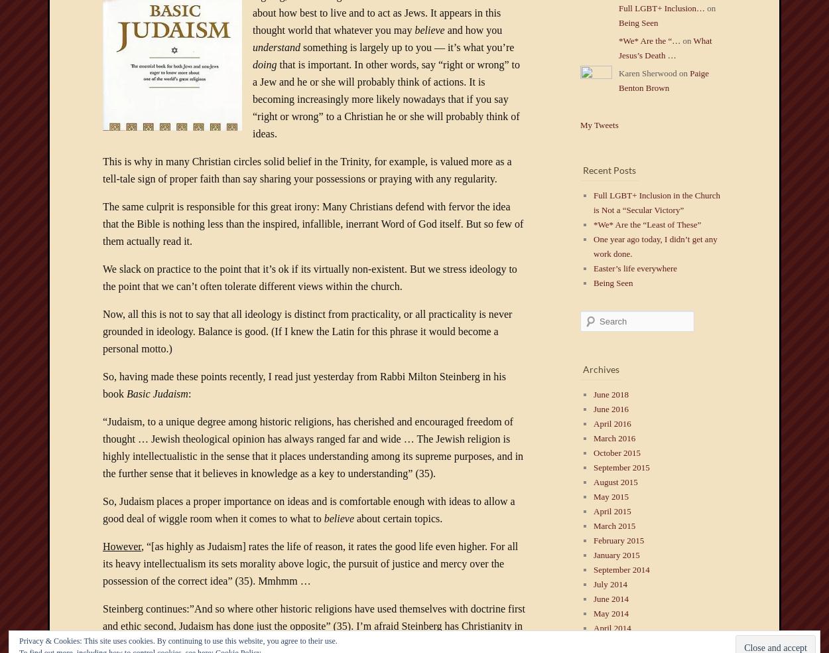 Image resolution: width=829 pixels, height=653 pixels. Describe the element at coordinates (126, 393) in the screenshot. I see `'Basic Judaism'` at that location.